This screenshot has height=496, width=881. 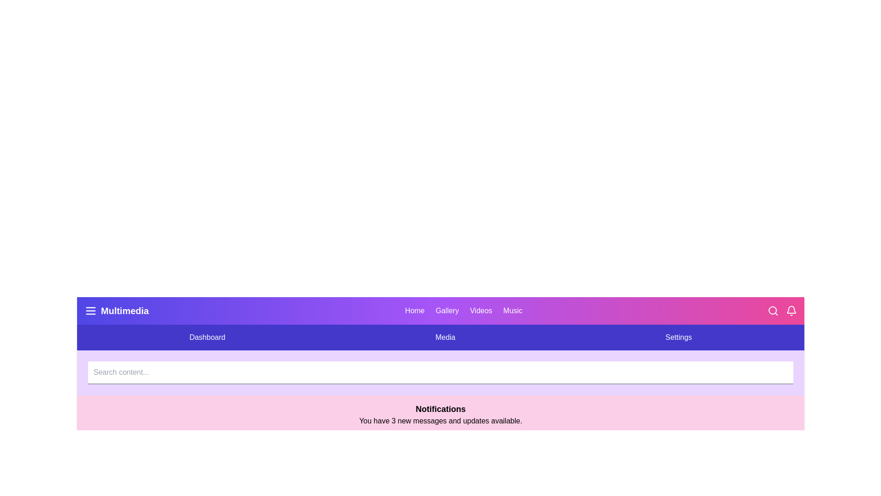 What do you see at coordinates (772, 310) in the screenshot?
I see `the search icon to toggle the search bar visibility` at bounding box center [772, 310].